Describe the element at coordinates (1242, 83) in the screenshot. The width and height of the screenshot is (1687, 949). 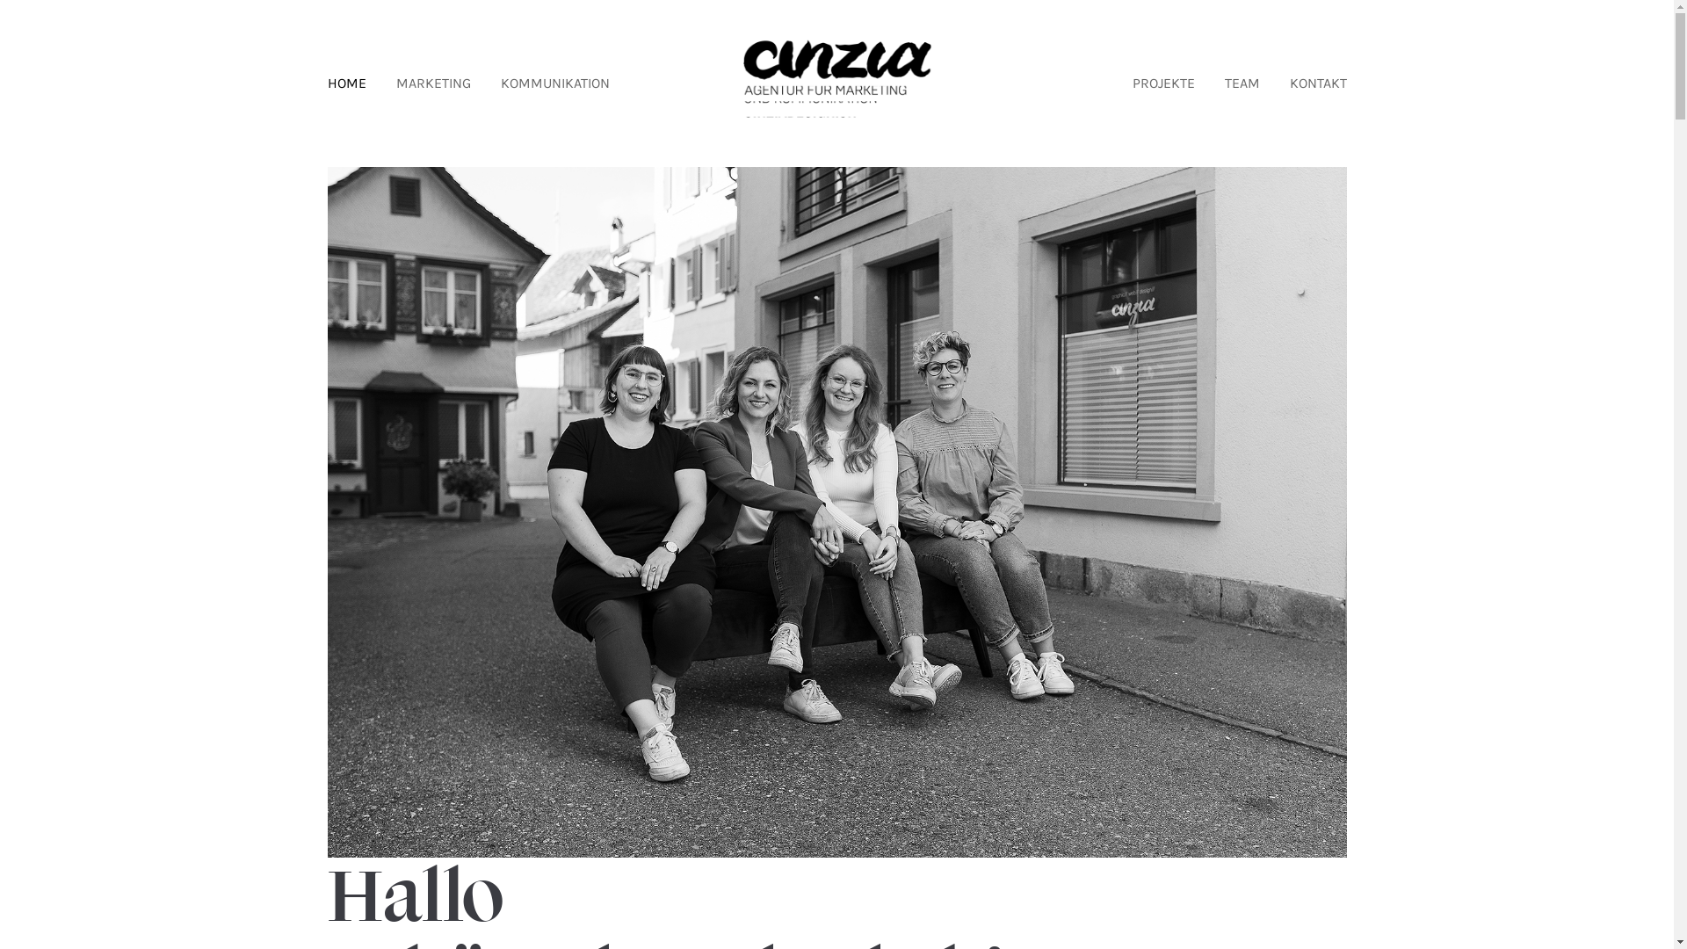
I see `'TEAM'` at that location.